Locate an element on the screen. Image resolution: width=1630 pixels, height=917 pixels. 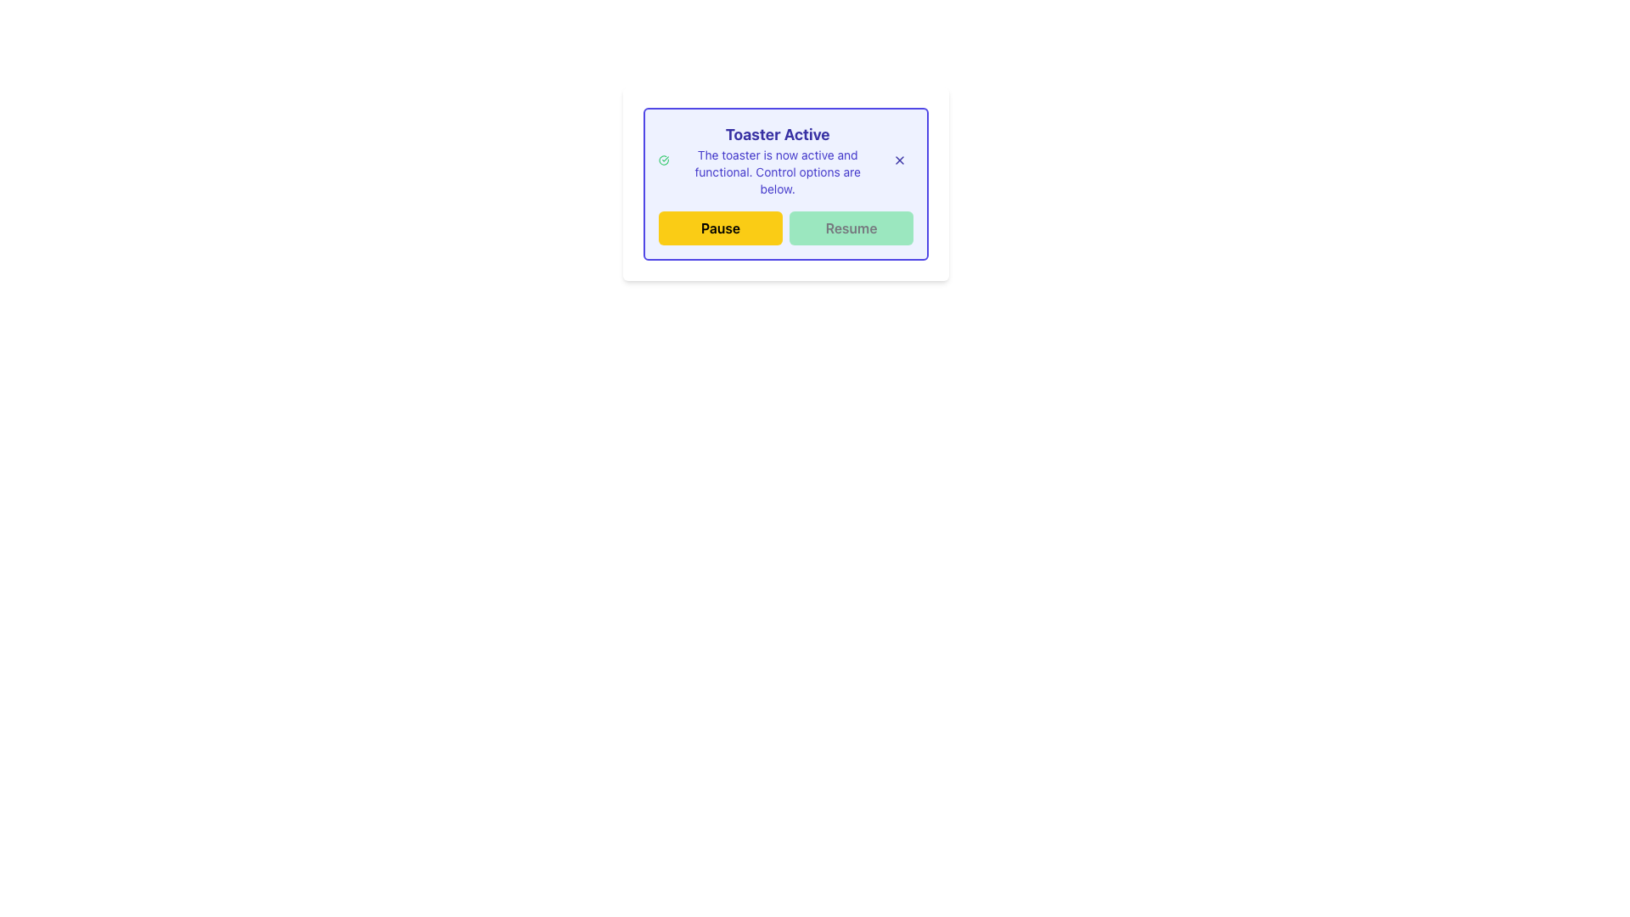
static text element that provides instructions about the state of the toaster, located below the header 'Toaster Active' and above the 'Pause' and 'Resume' buttons is located at coordinates (777, 172).